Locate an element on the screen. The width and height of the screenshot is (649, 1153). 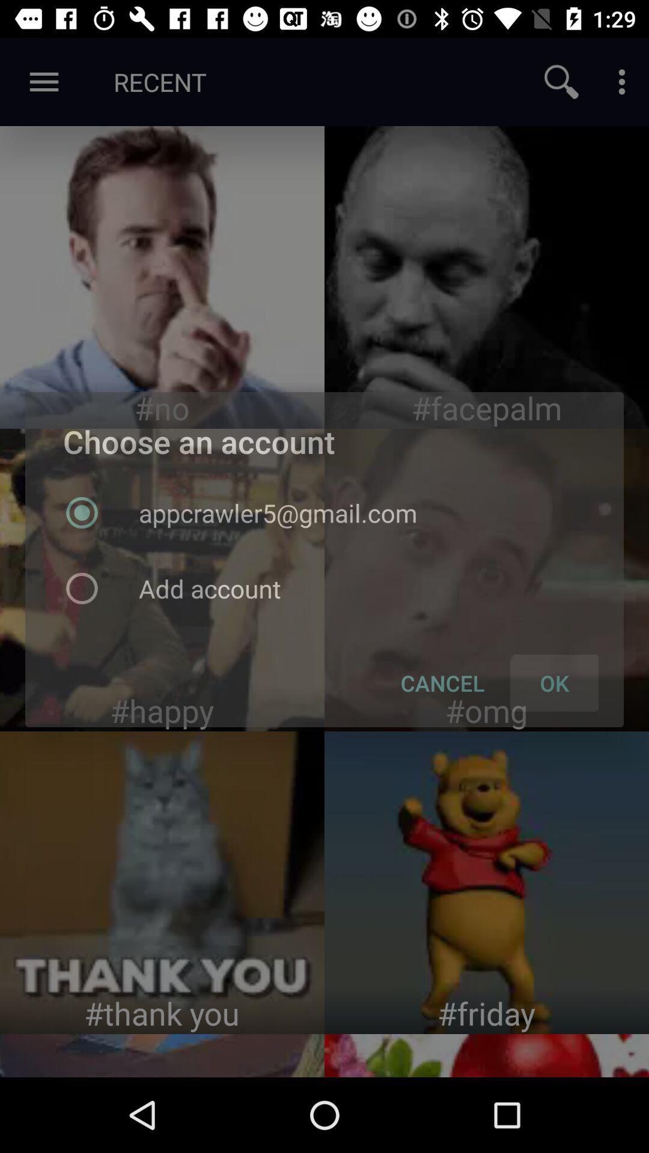
page website is located at coordinates (487, 1055).